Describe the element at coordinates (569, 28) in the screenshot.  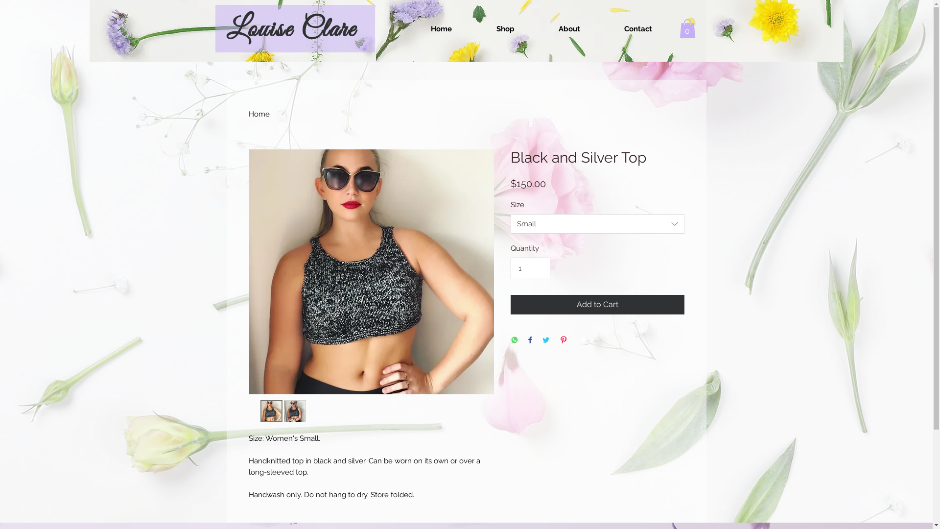
I see `'About'` at that location.